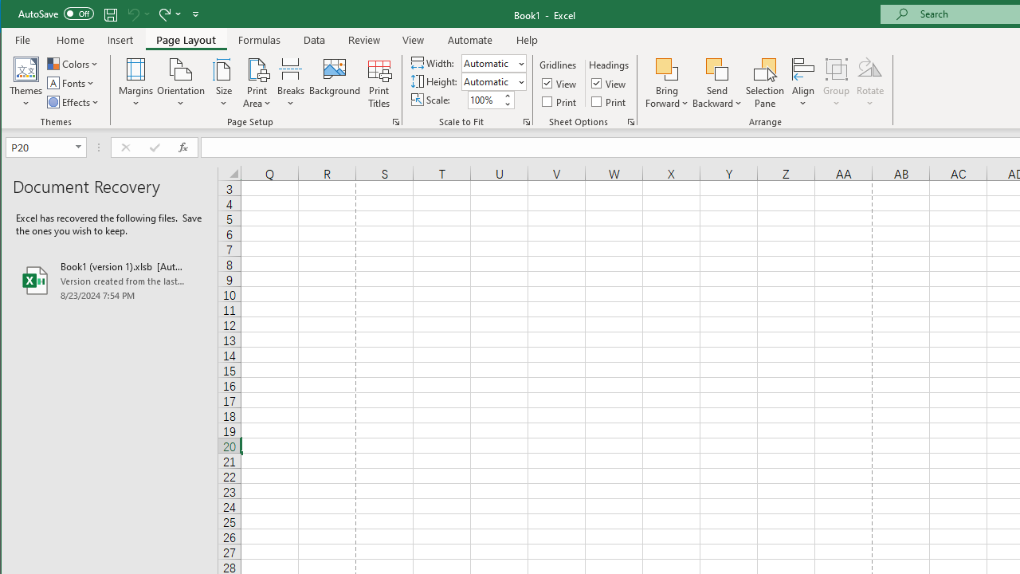  What do you see at coordinates (488, 81) in the screenshot?
I see `'Height'` at bounding box center [488, 81].